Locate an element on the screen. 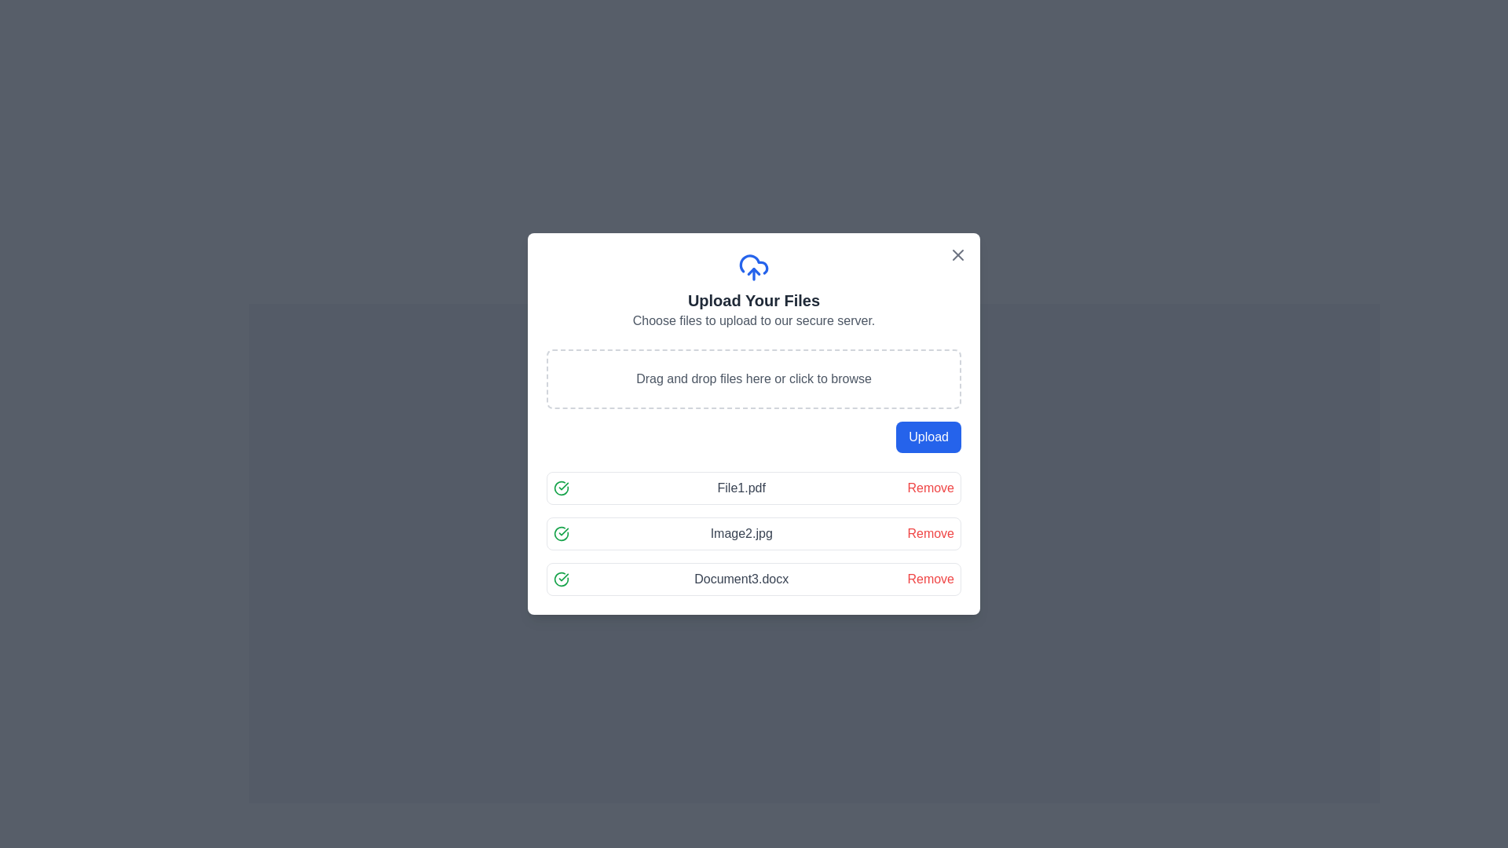 The image size is (1508, 848). the 'Upload' button using Tab navigation is located at coordinates (928, 437).